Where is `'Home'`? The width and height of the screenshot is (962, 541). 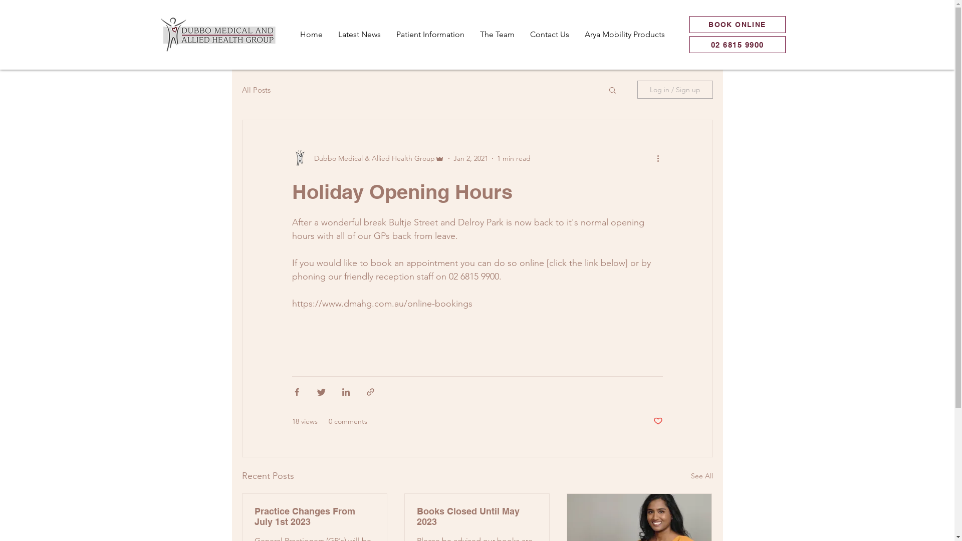 'Home' is located at coordinates (291, 34).